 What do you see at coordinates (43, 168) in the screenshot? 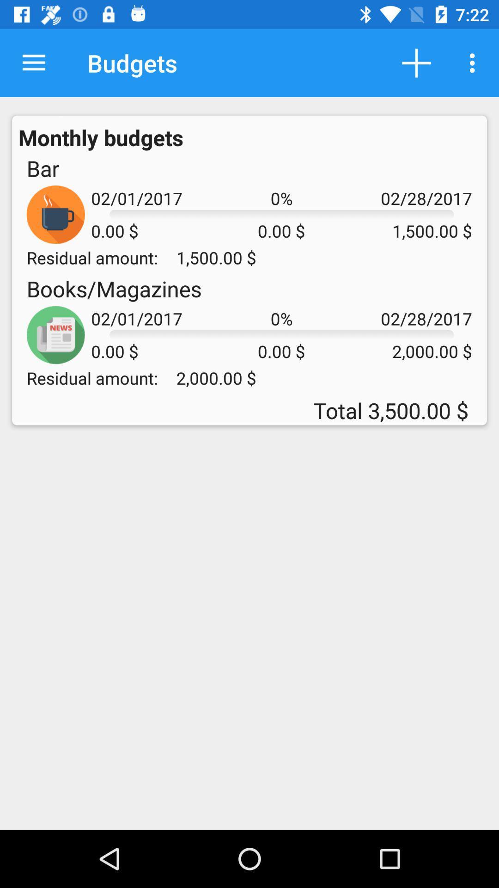
I see `the item below the monthly budgets item` at bounding box center [43, 168].